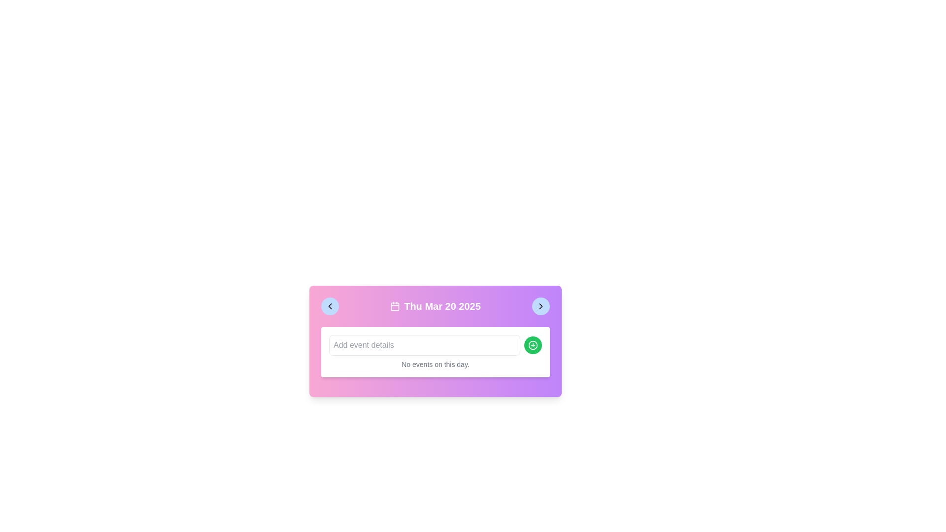 The image size is (946, 532). What do you see at coordinates (541, 305) in the screenshot?
I see `the right-facing chevron arrow icon located at the right end of the horizontal bar` at bounding box center [541, 305].